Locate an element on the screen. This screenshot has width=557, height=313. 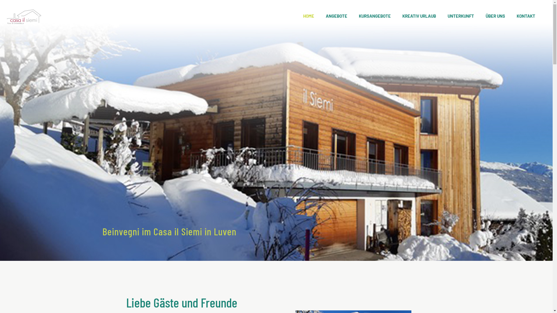
'ANGEBOTE' is located at coordinates (337, 15).